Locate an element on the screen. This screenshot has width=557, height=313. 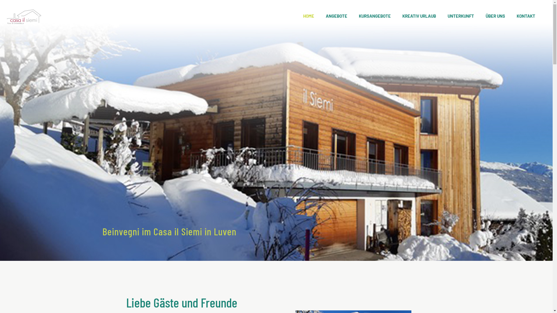
'ANGEBOTE' is located at coordinates (337, 15).